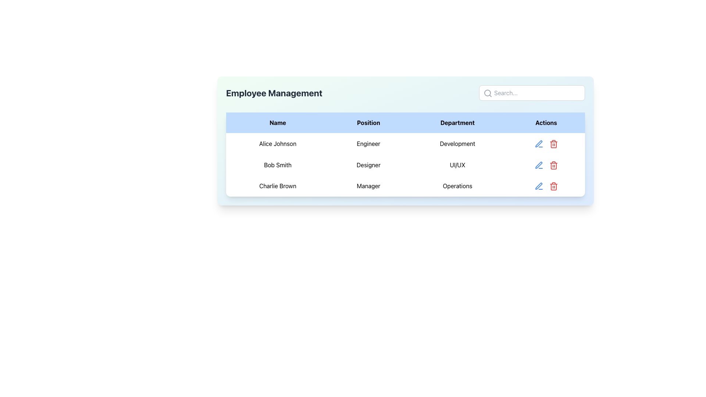 Image resolution: width=706 pixels, height=397 pixels. What do you see at coordinates (277, 143) in the screenshot?
I see `the text element that represents the name of an employee in the first row of the data table in the 'Employee Management' section` at bounding box center [277, 143].